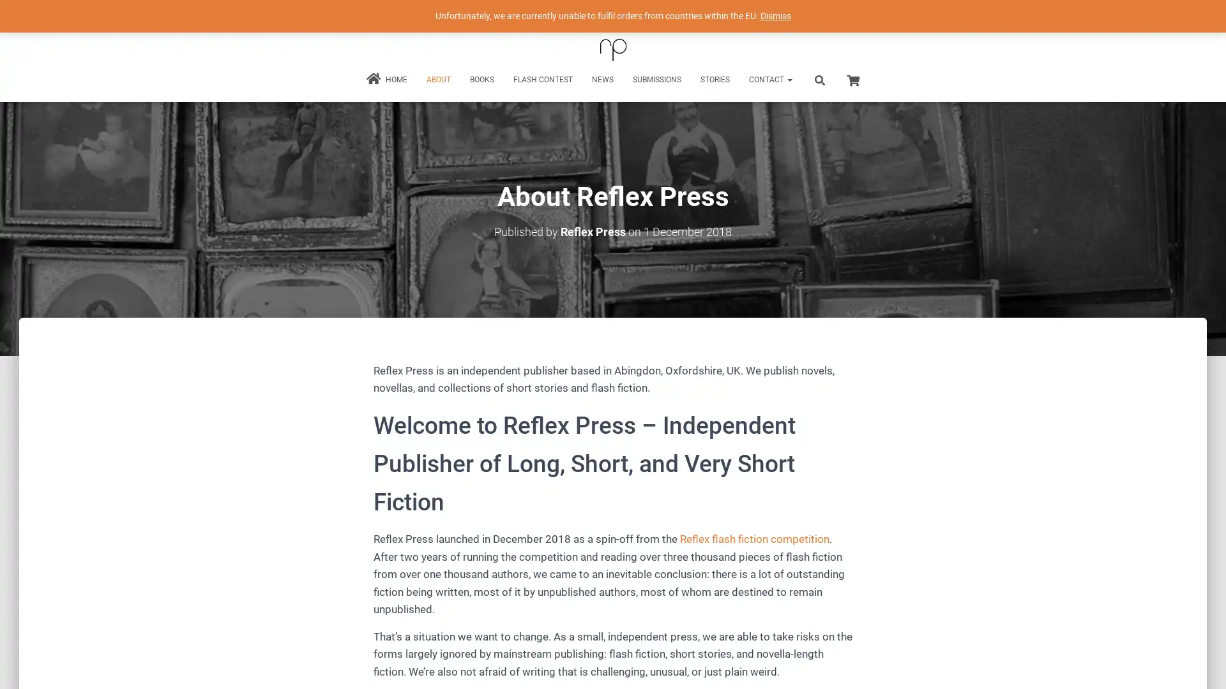 The height and width of the screenshot is (689, 1226). I want to click on Accept, so click(801, 669).